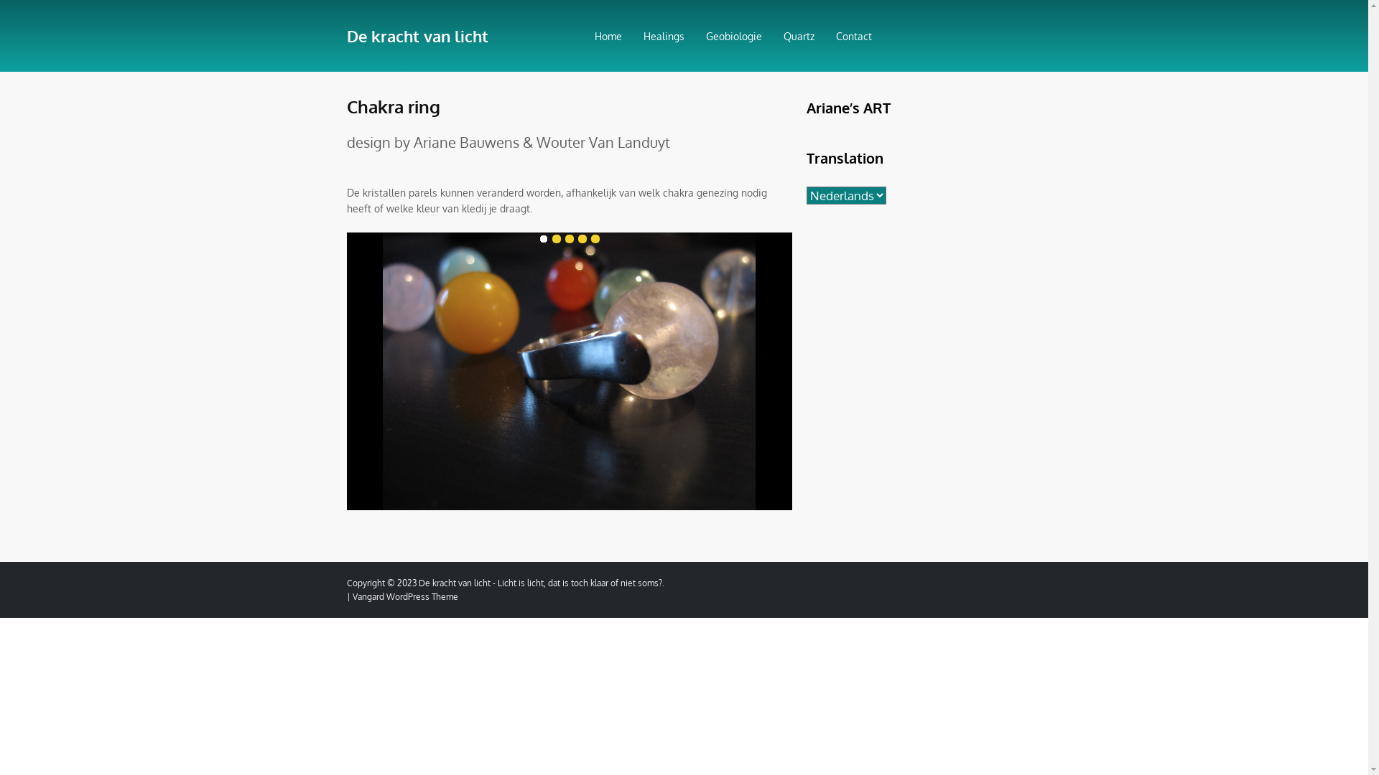 The image size is (1379, 775). I want to click on 'Contact', so click(828, 35).